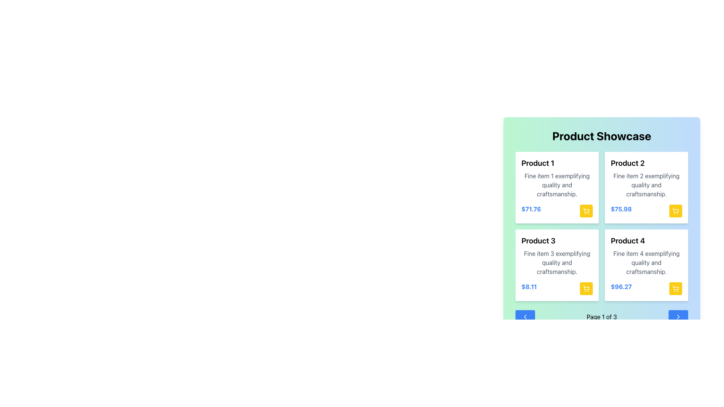 Image resolution: width=724 pixels, height=407 pixels. I want to click on the Text Display element that shows the price of 'Product 2', located in the bottom-right area of the card, so click(646, 211).